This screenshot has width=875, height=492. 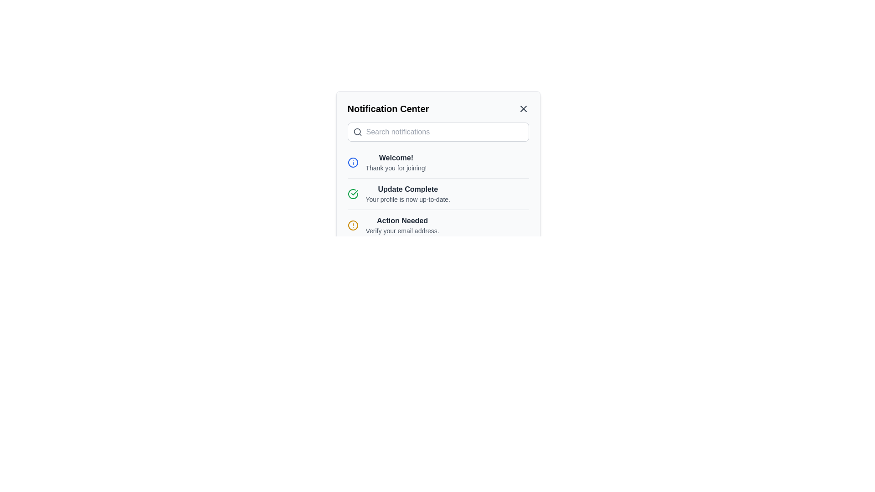 What do you see at coordinates (352, 193) in the screenshot?
I see `the circular checkmark icon indicating 'Update Complete' in the notification panel` at bounding box center [352, 193].